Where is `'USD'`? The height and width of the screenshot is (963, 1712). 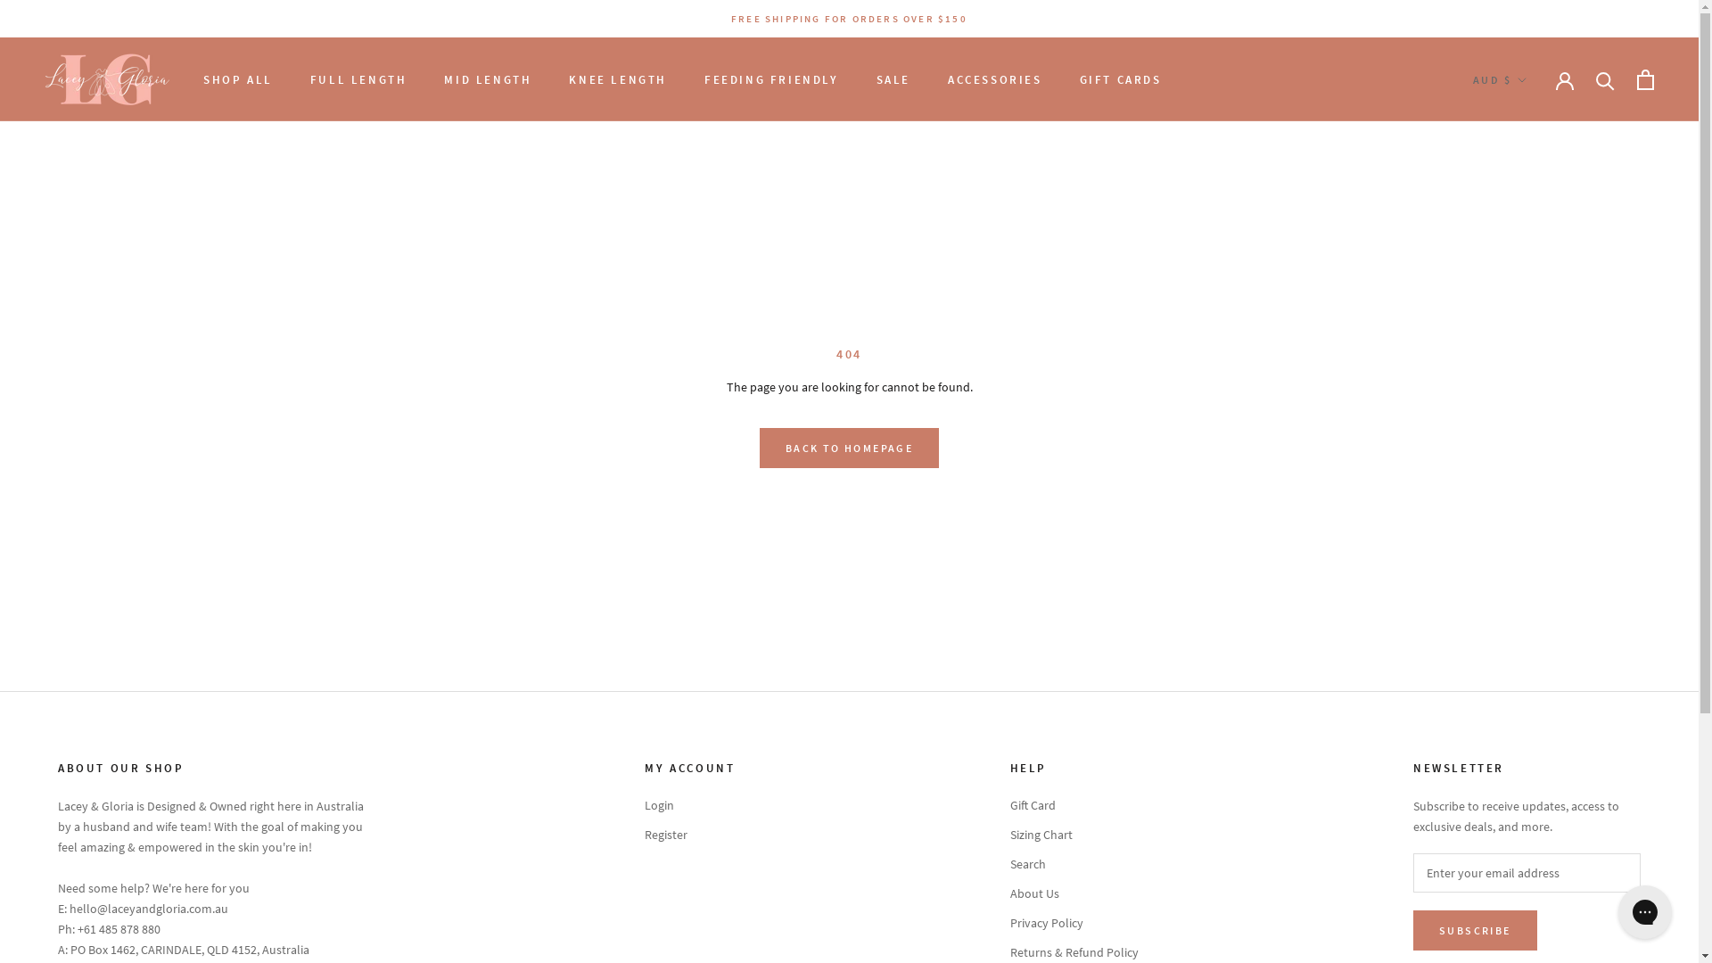
'USD' is located at coordinates (1519, 279).